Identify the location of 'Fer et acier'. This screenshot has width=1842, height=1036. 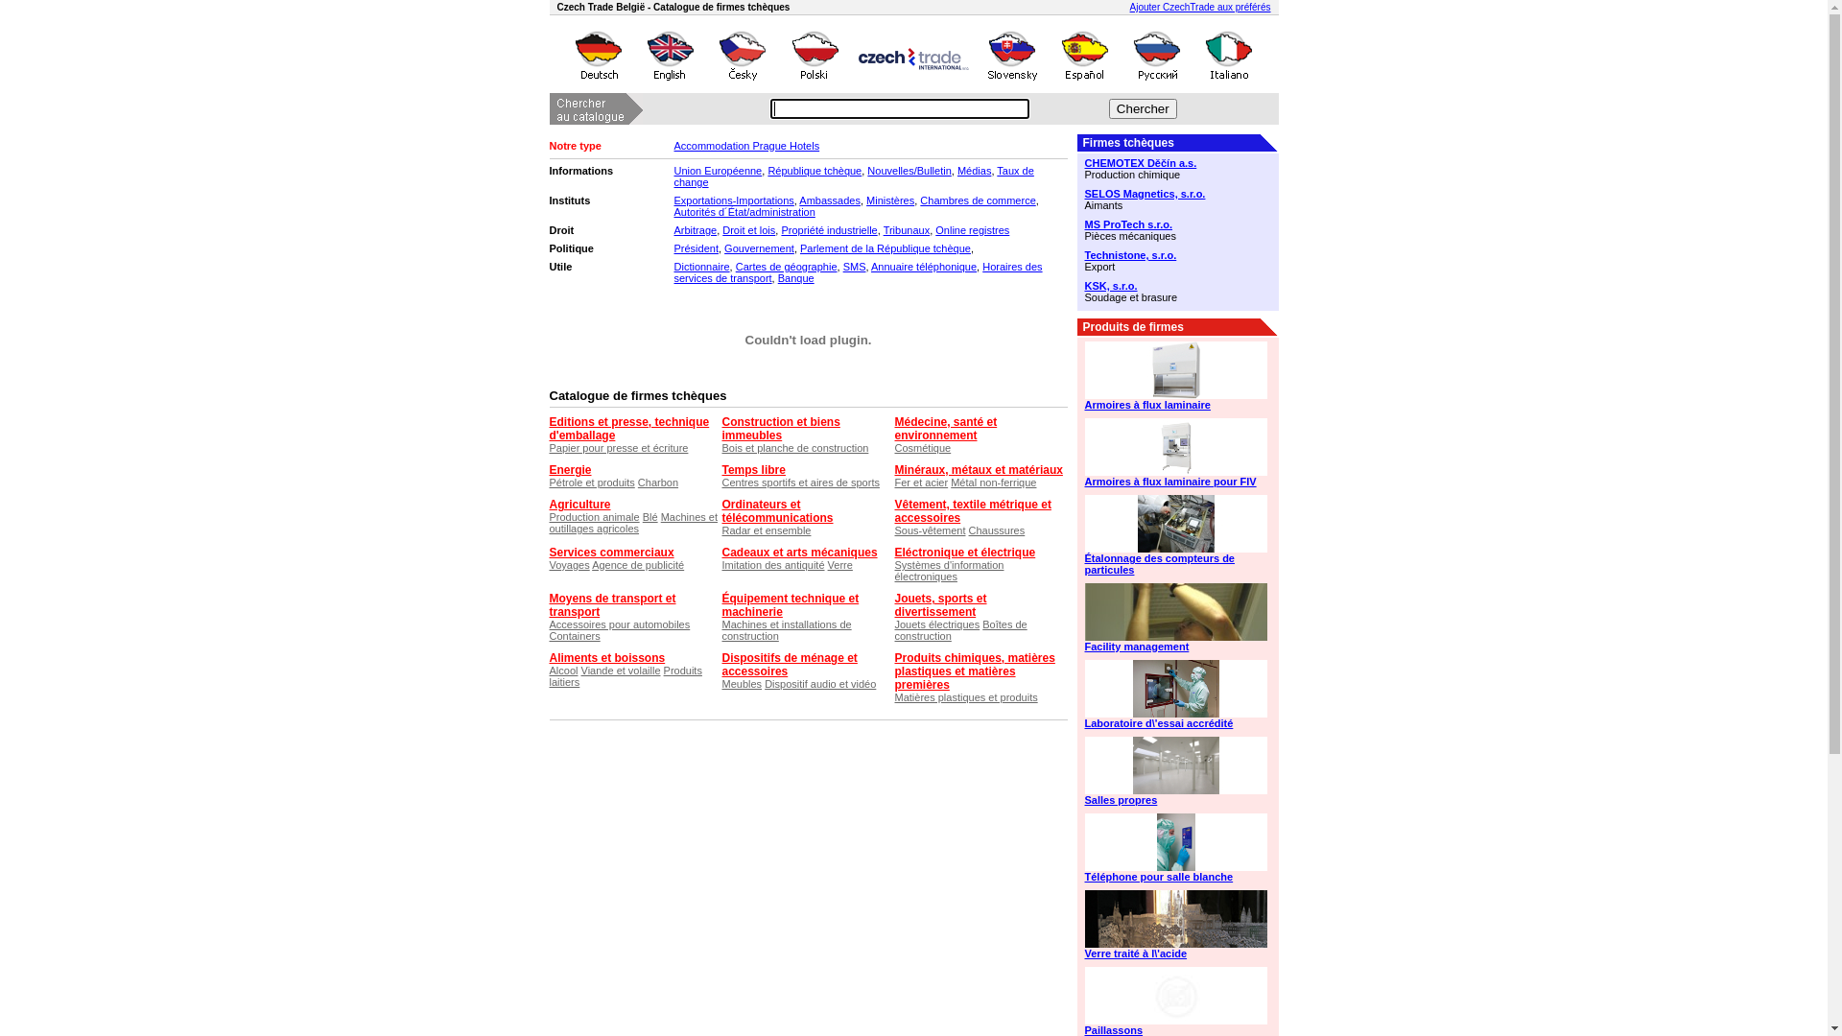
(921, 481).